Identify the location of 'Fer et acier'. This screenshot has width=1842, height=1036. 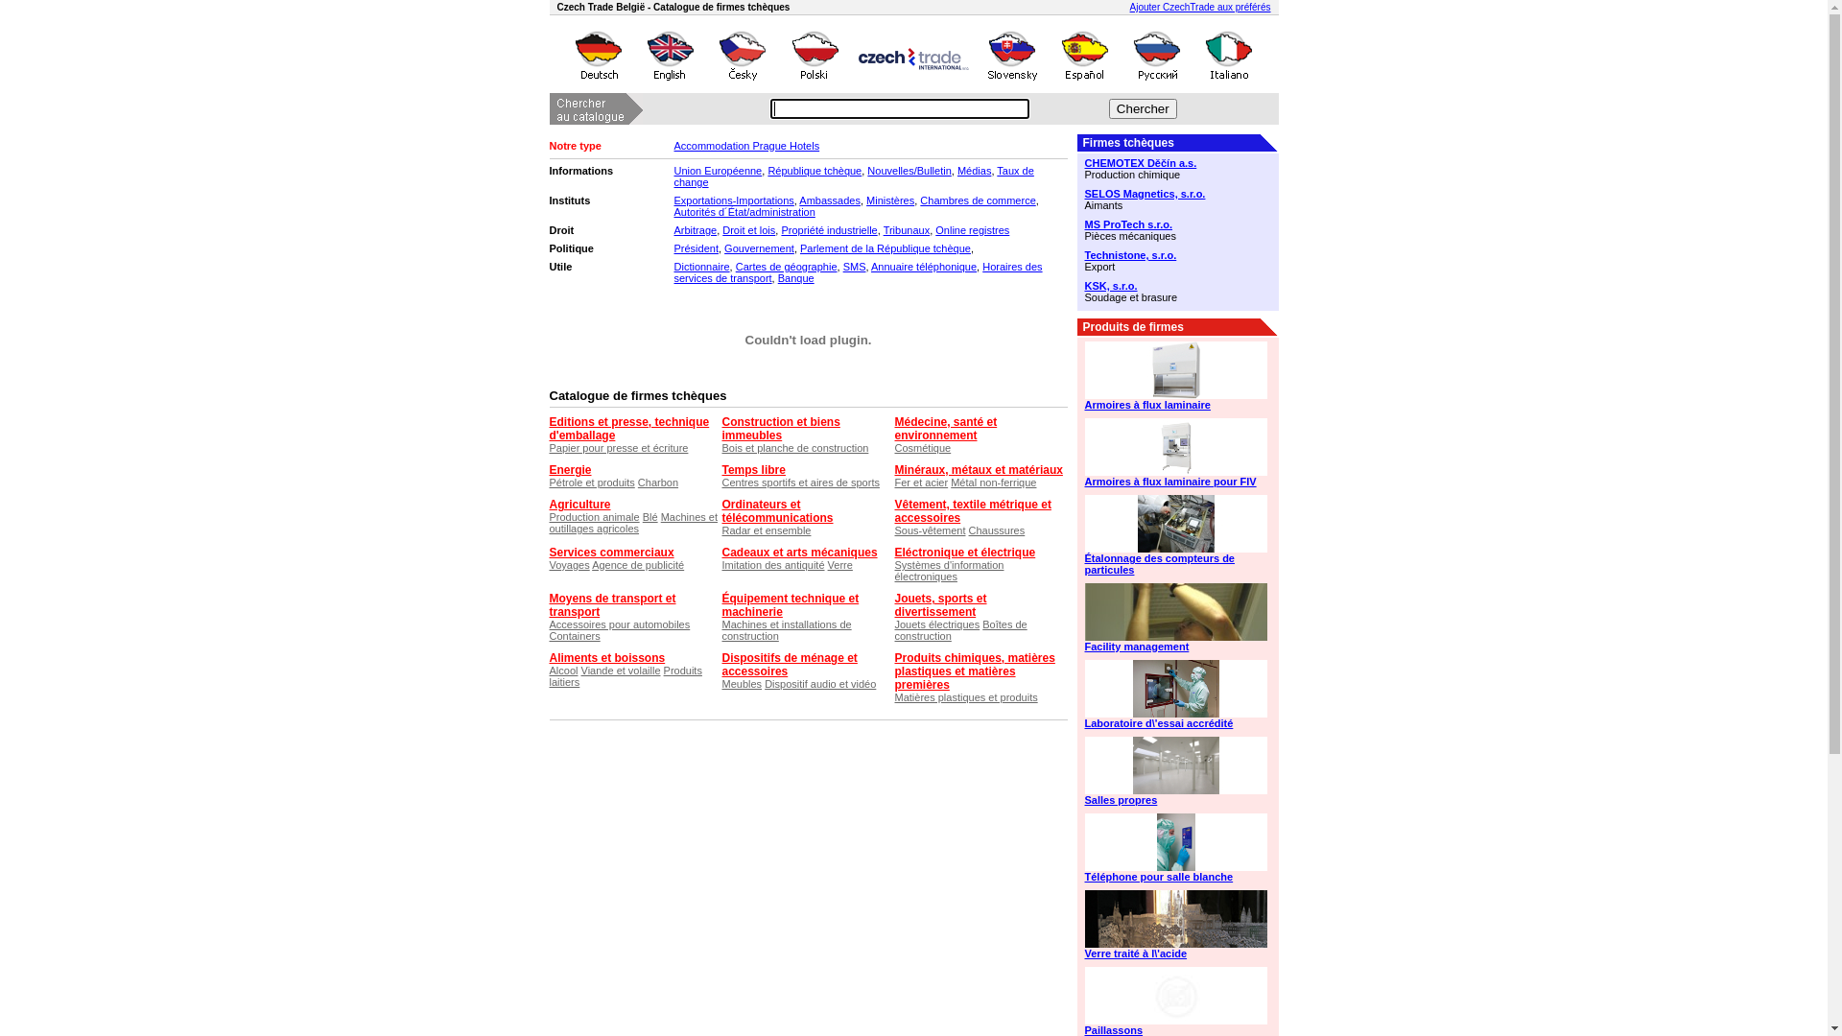
(921, 481).